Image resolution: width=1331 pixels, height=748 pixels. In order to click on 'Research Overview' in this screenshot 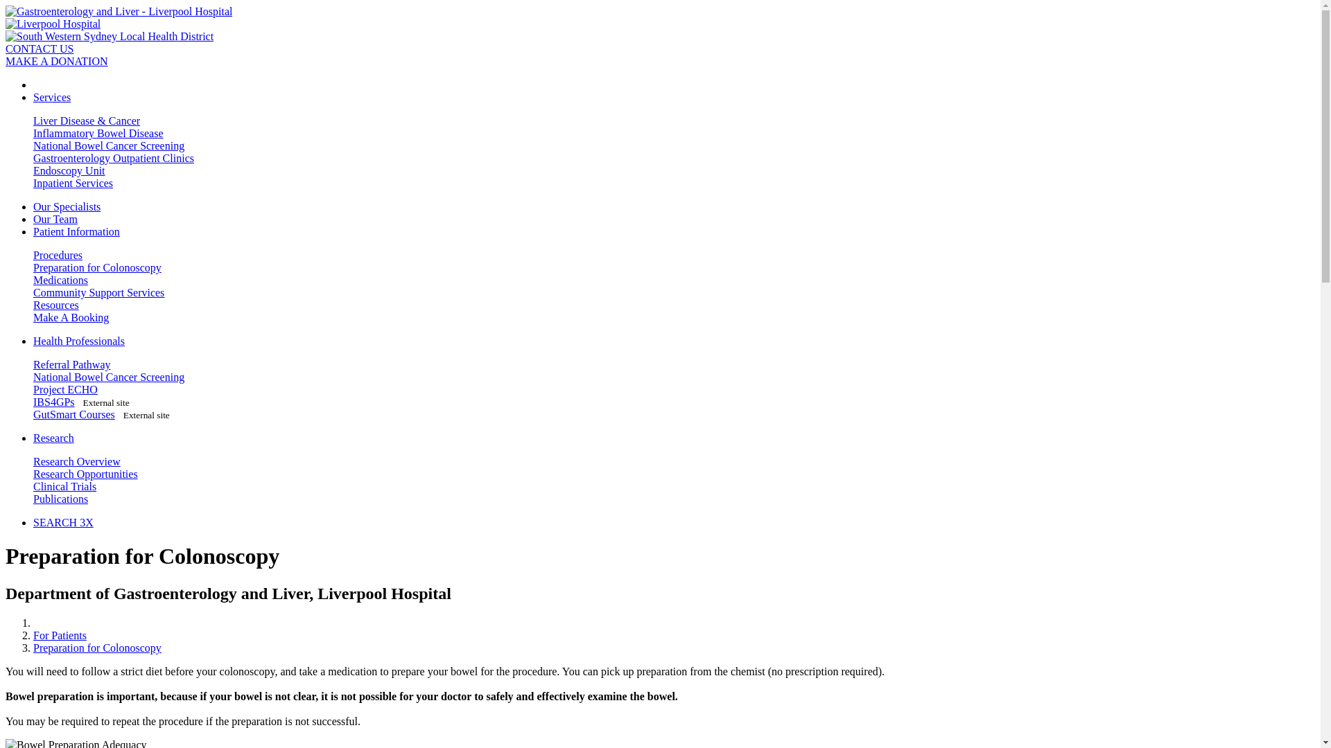, I will do `click(76, 461)`.